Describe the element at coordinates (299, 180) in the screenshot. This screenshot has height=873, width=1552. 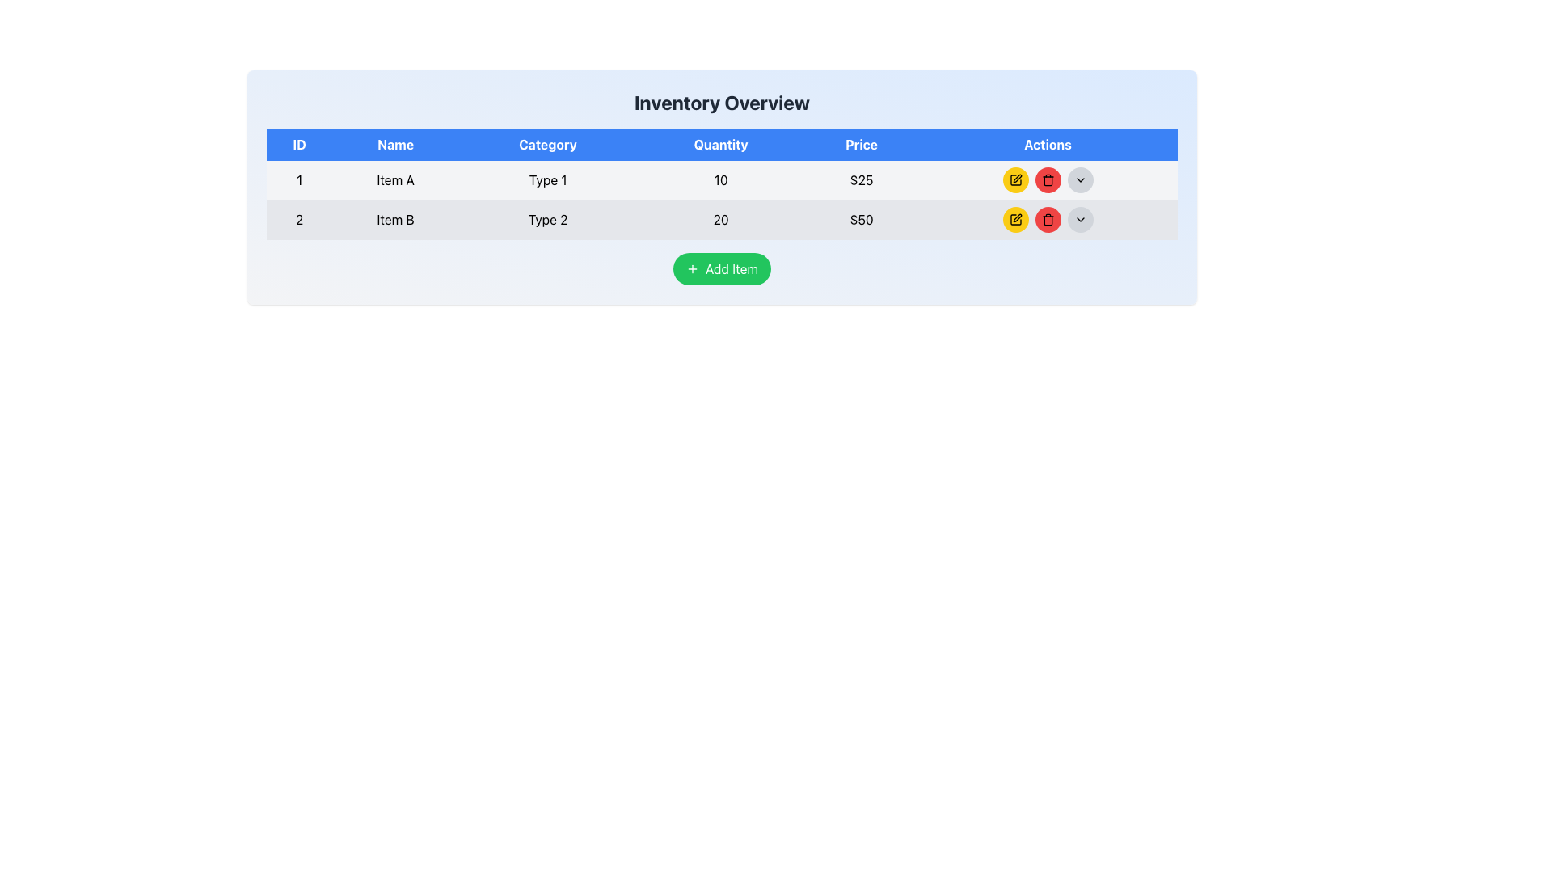
I see `the static textual display element that represents the identifier of the first item in the table, located in the first cell under the 'ID' header` at that location.